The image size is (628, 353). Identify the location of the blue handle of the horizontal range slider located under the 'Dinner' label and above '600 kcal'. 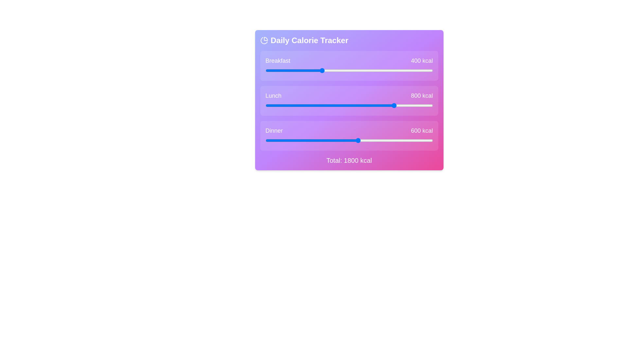
(349, 140).